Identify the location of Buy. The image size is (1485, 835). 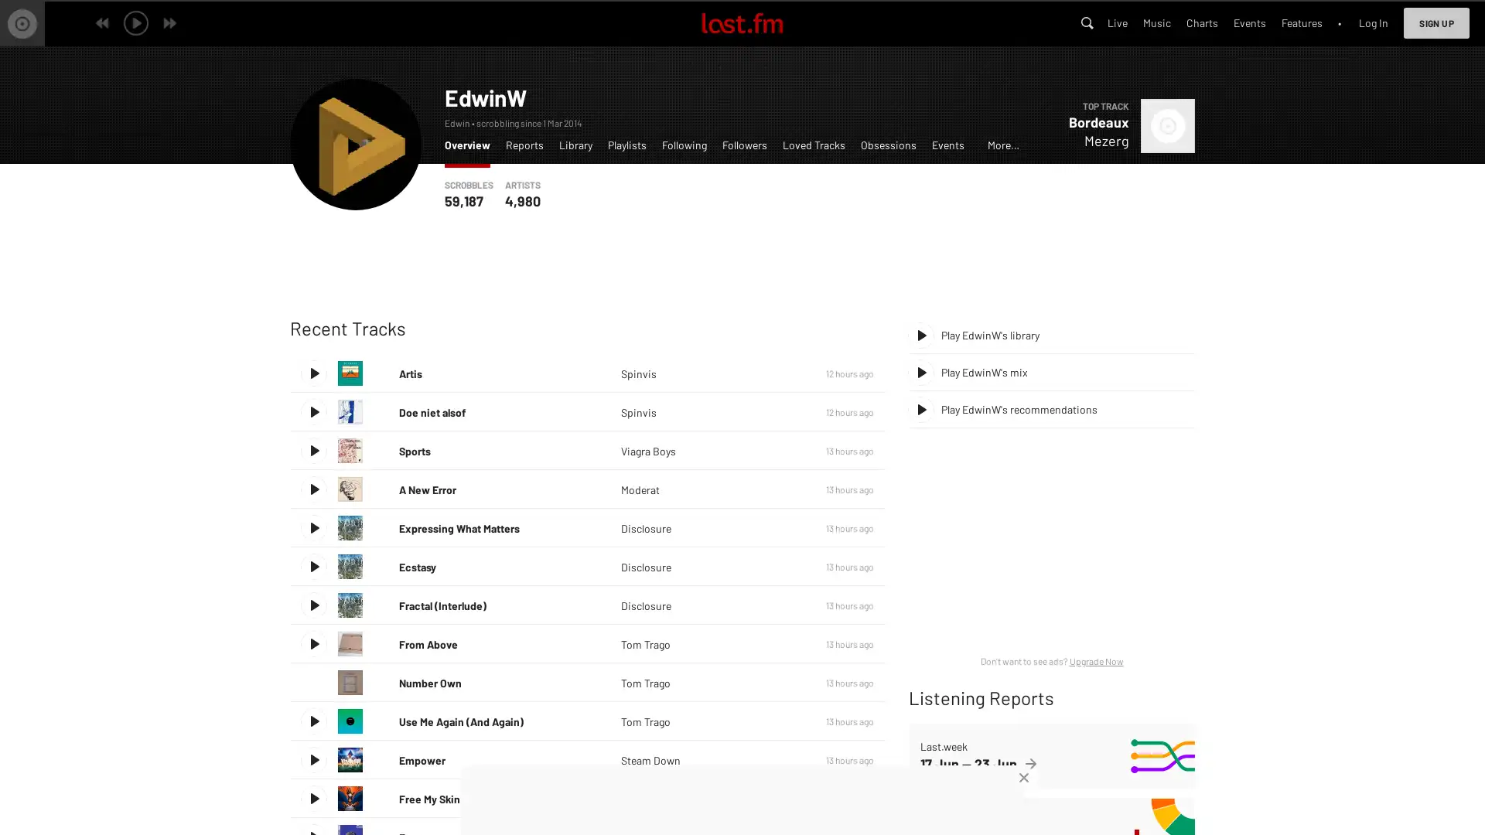
(780, 489).